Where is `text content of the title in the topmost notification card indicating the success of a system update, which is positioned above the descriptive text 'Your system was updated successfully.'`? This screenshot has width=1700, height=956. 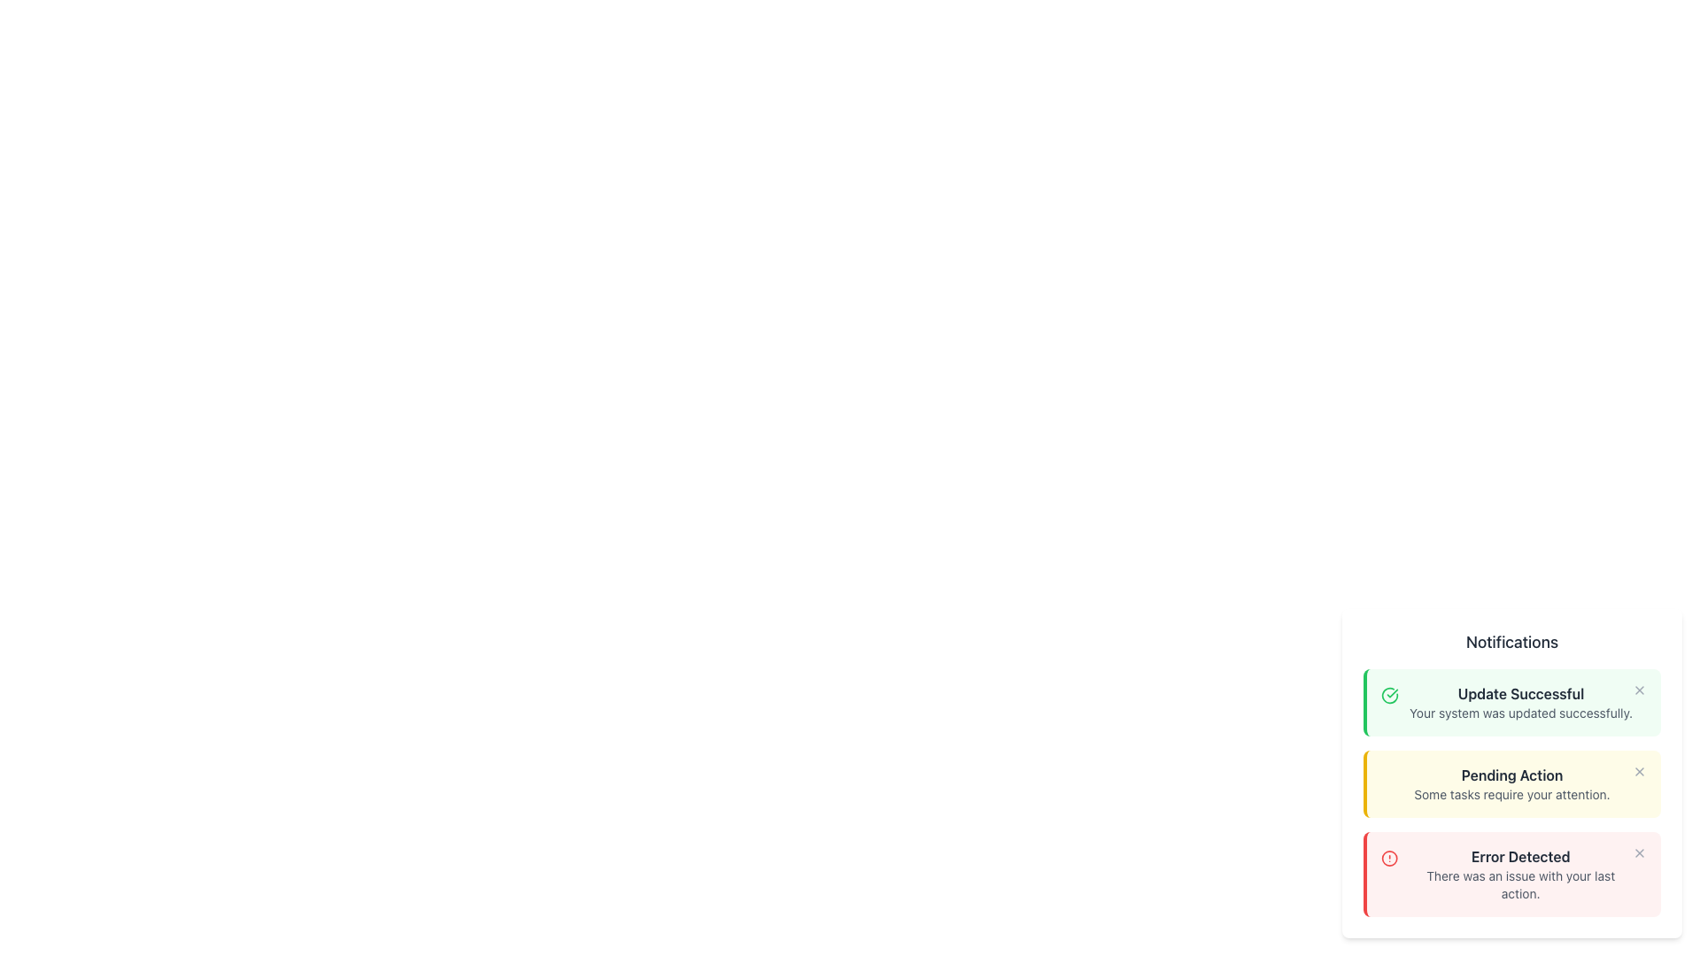
text content of the title in the topmost notification card indicating the success of a system update, which is positioned above the descriptive text 'Your system was updated successfully.' is located at coordinates (1520, 692).